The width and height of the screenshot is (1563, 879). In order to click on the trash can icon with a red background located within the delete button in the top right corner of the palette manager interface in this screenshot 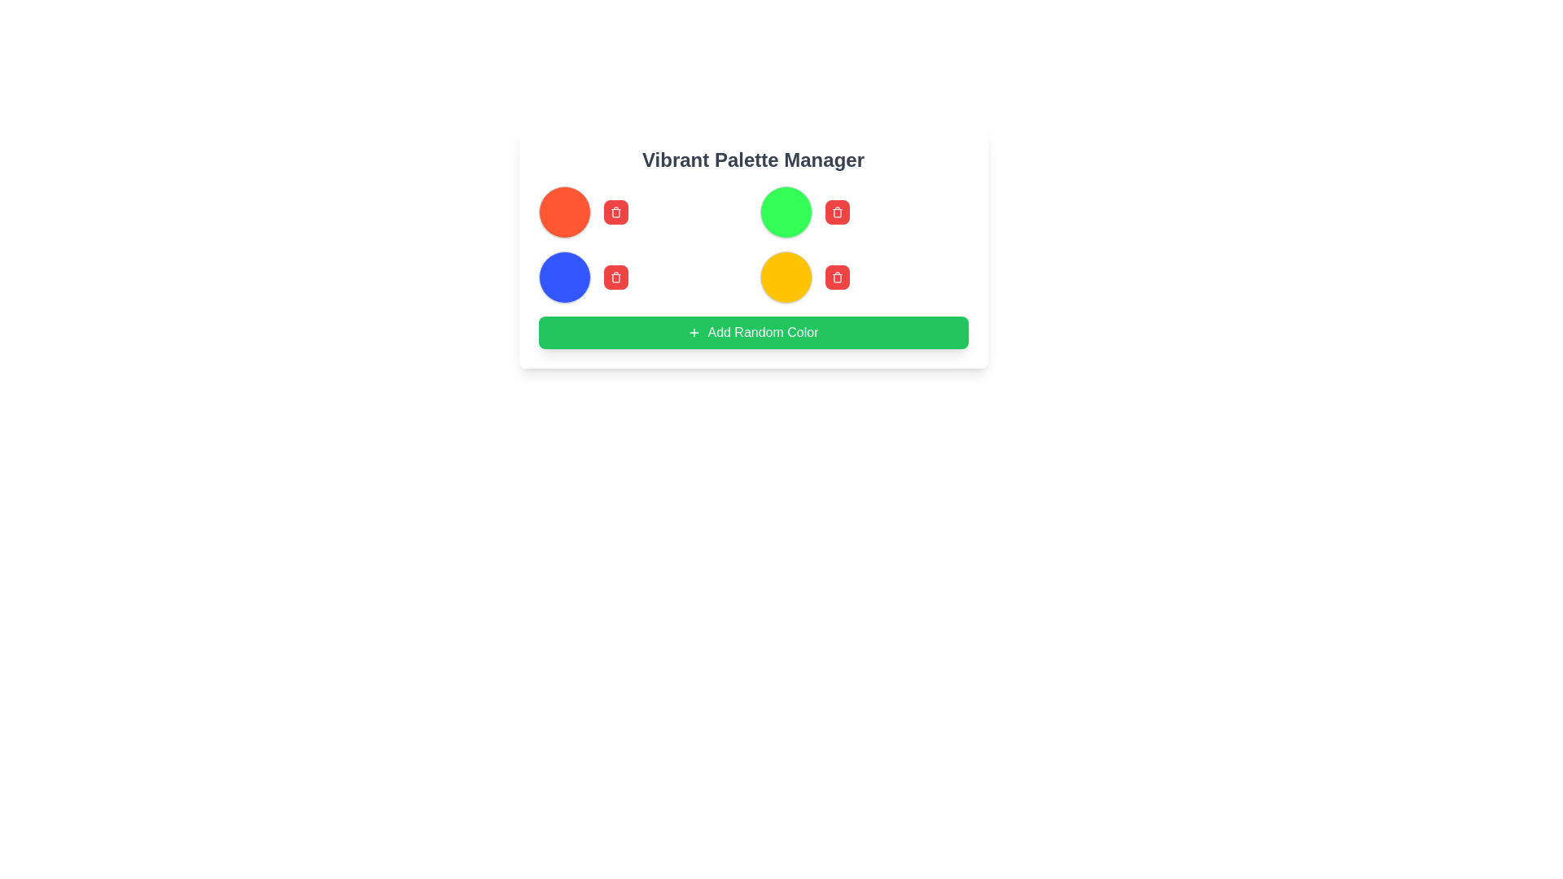, I will do `click(837, 276)`.